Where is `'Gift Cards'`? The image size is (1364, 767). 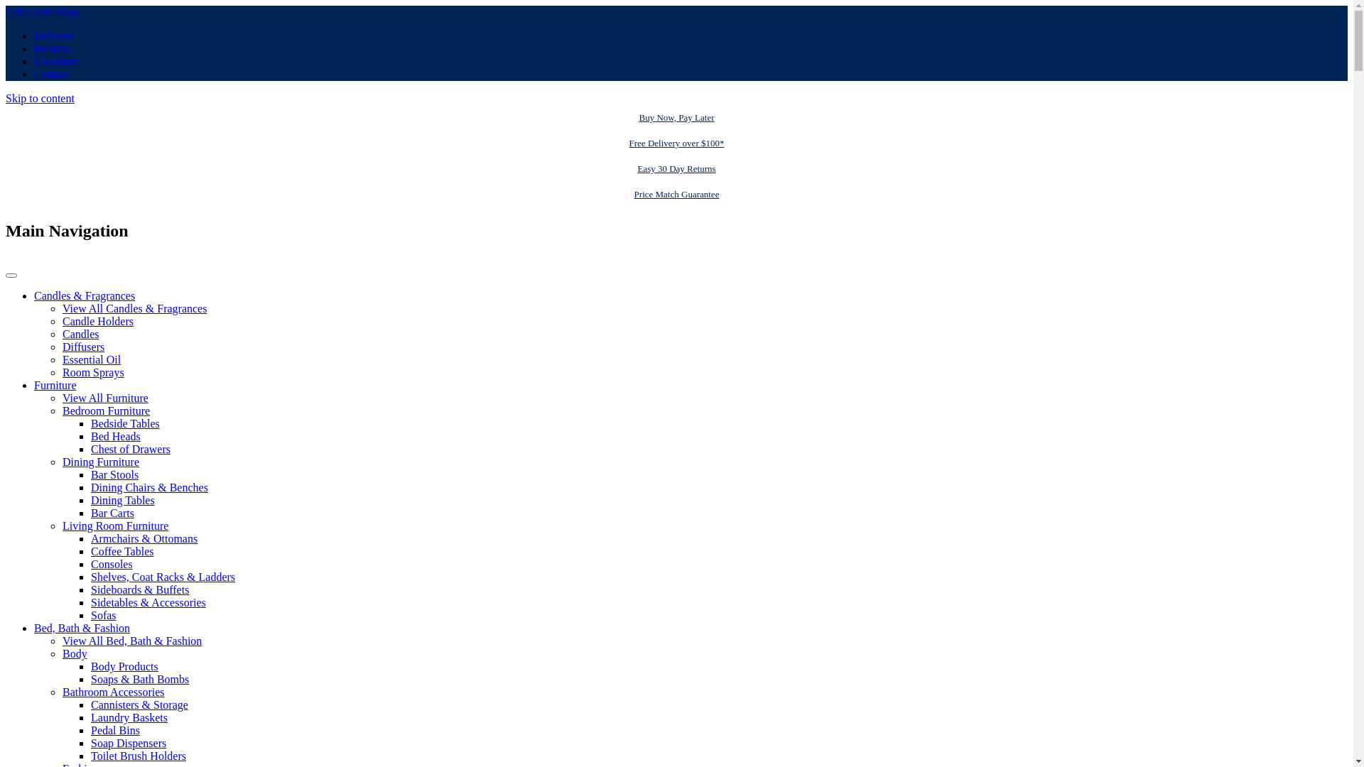 'Gift Cards' is located at coordinates (31, 11).